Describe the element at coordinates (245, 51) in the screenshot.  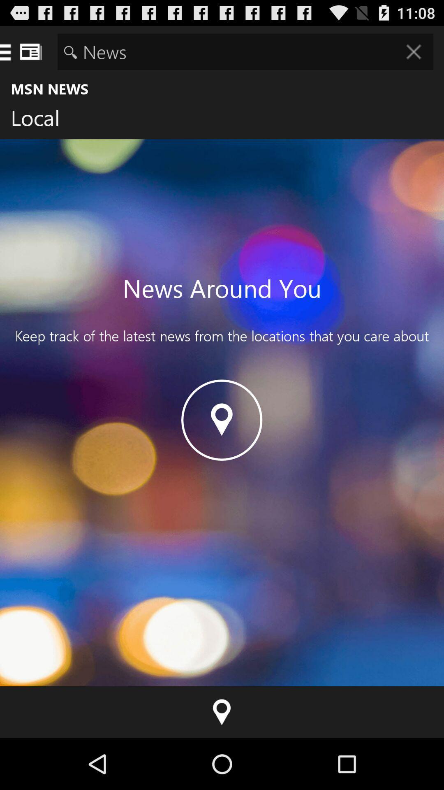
I see `news search bar` at that location.